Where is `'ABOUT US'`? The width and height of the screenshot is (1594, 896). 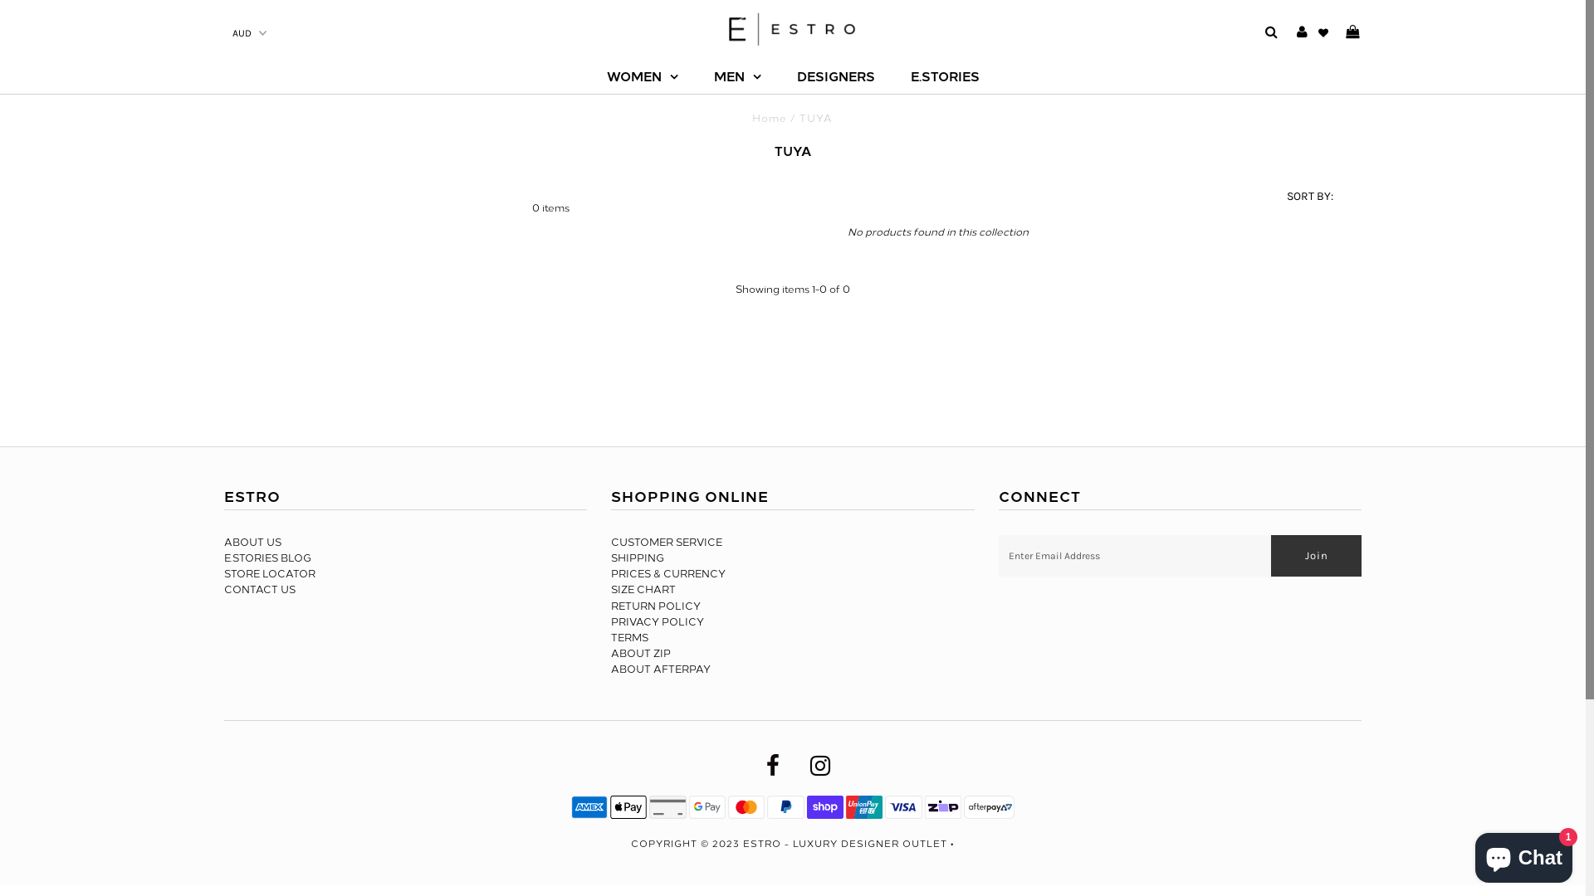 'ABOUT US' is located at coordinates (252, 543).